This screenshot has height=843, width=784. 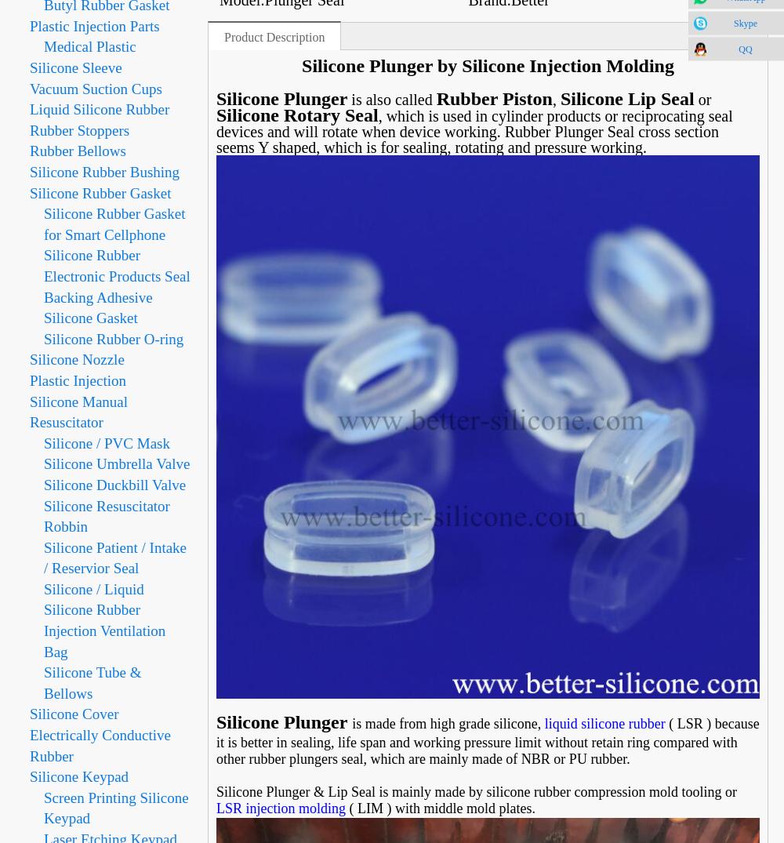 What do you see at coordinates (274, 38) in the screenshot?
I see `'Product Description'` at bounding box center [274, 38].